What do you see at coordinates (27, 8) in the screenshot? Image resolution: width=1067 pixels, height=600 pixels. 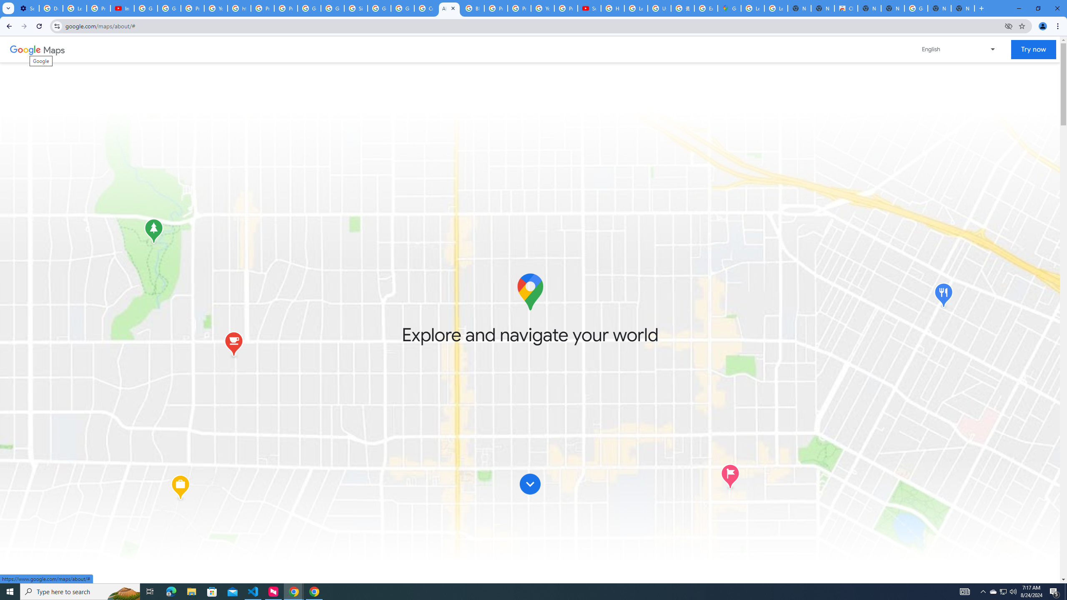 I see `'Settings - Customize profile'` at bounding box center [27, 8].